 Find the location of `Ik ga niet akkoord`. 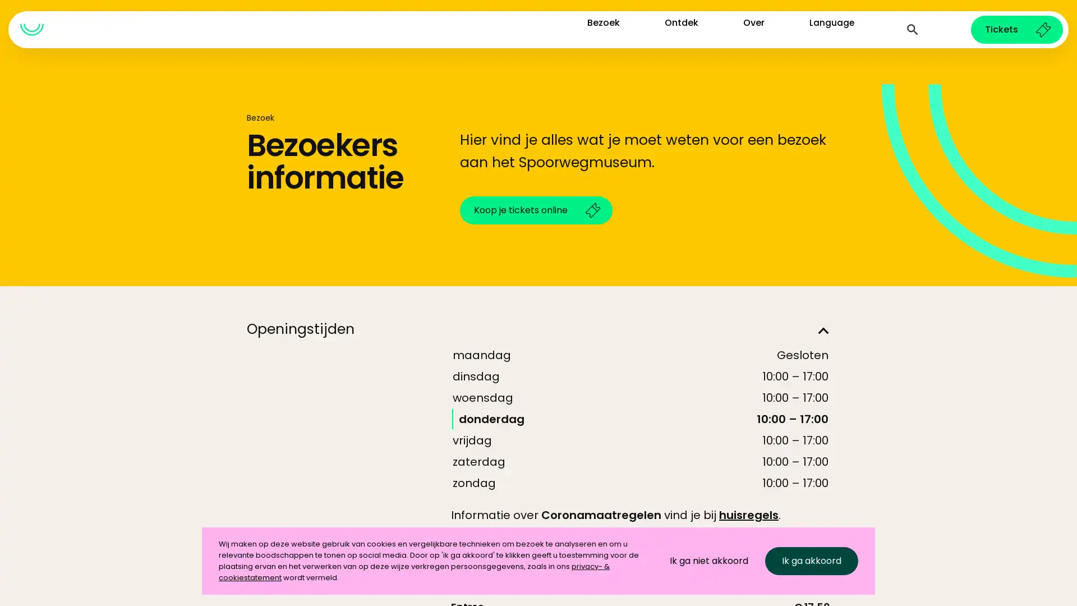

Ik ga niet akkoord is located at coordinates (708, 561).